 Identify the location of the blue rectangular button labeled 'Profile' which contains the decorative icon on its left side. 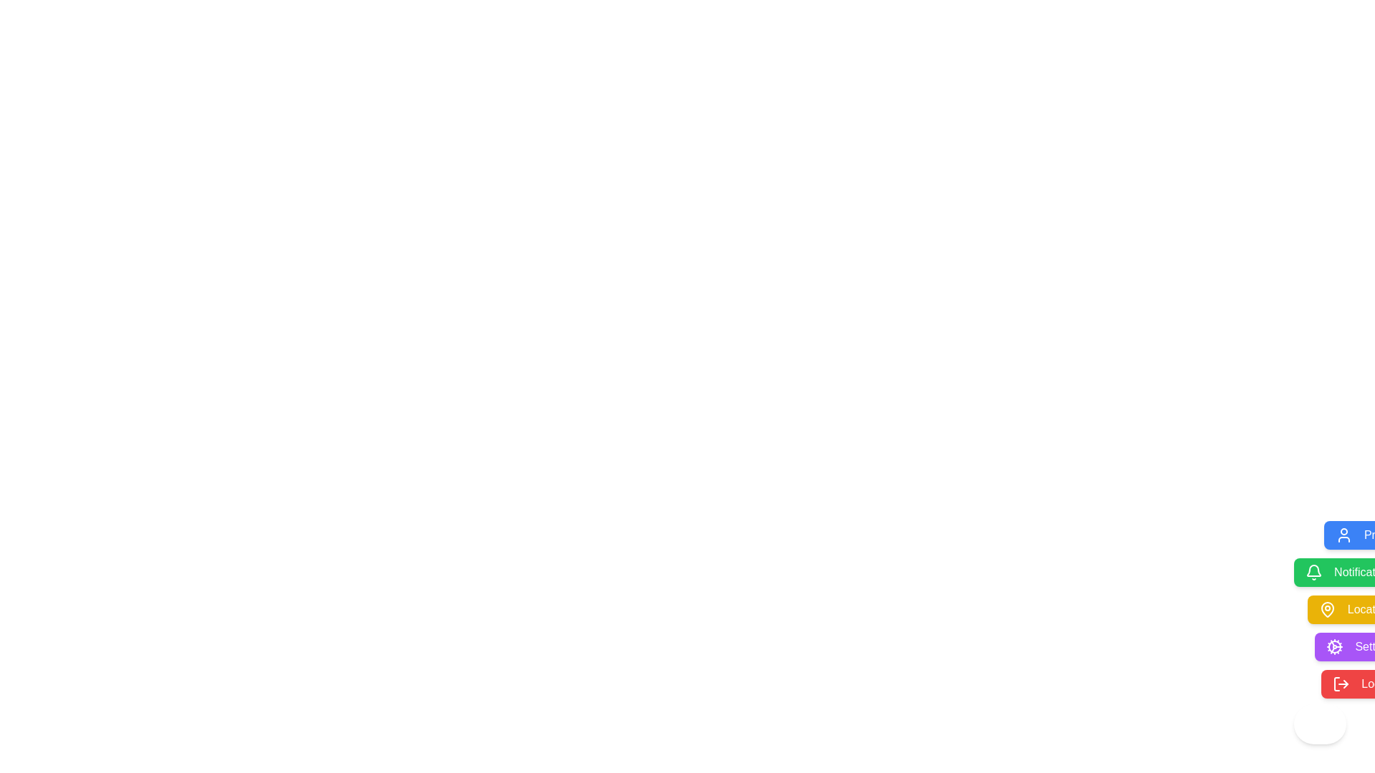
(1343, 535).